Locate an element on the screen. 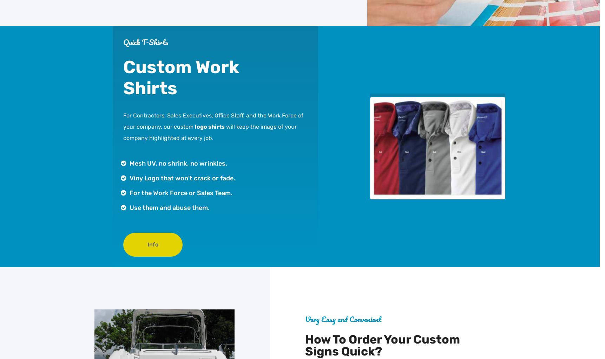 This screenshot has width=605, height=359. 'Shirts' is located at coordinates (150, 88).